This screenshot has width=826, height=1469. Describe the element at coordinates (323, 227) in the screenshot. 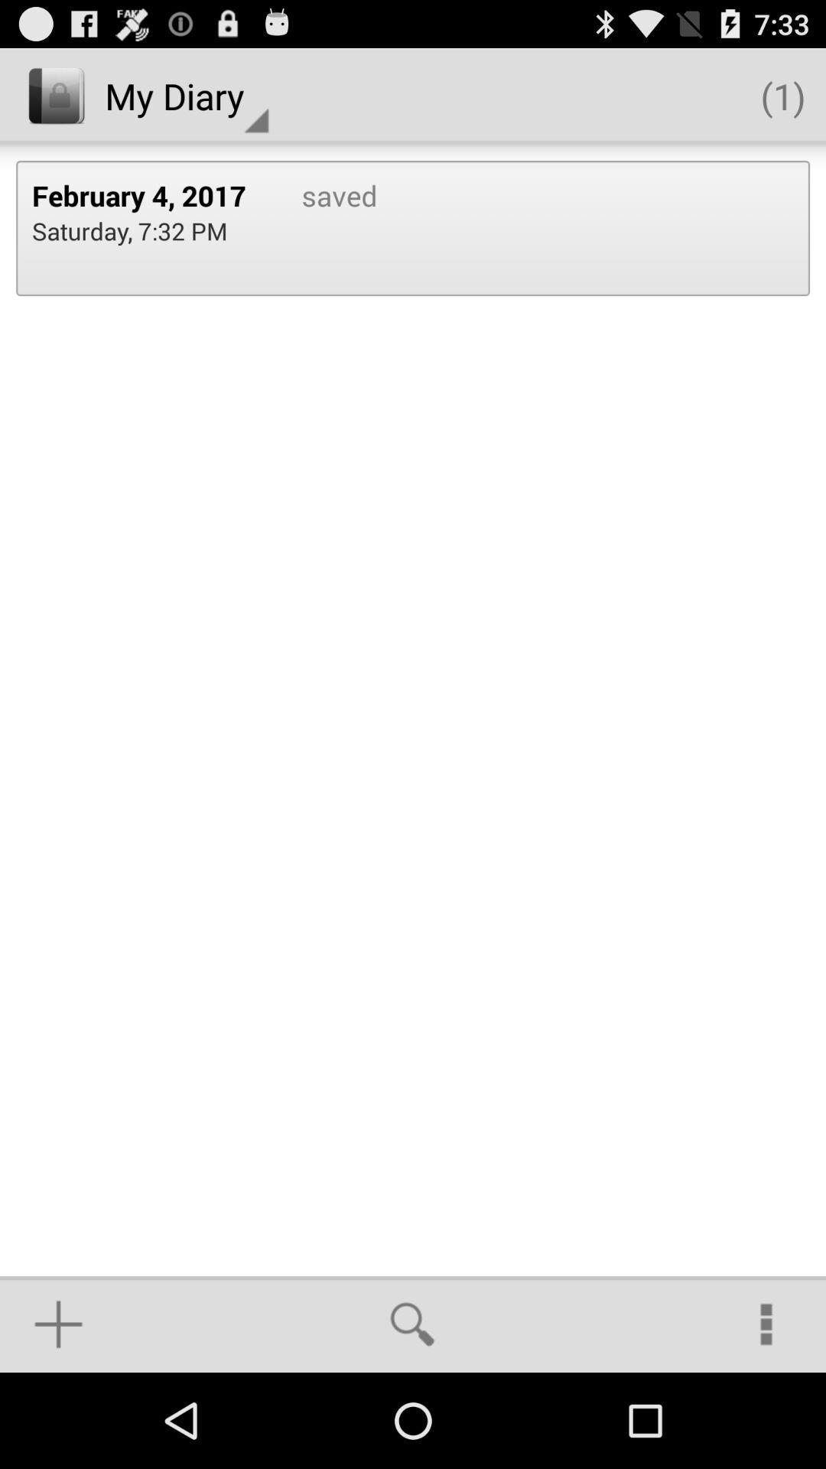

I see `app next to the february 4, 2017` at that location.